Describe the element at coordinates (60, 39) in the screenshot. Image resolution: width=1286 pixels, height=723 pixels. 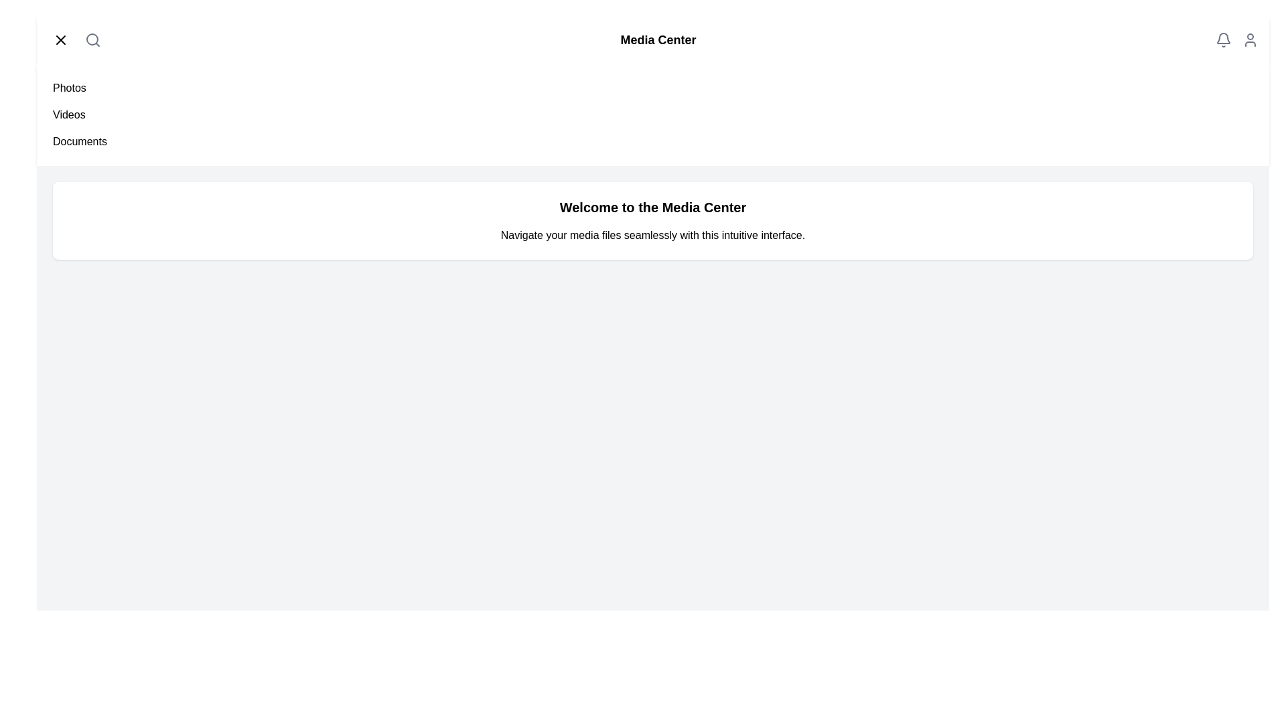
I see `toggle button in the top-left corner of the header to toggle the visibility of the side menu` at that location.